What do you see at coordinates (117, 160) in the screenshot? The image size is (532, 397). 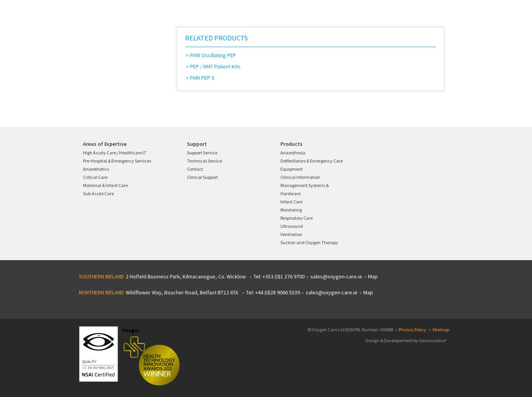 I see `'Pre-Hospital & Emergency Services'` at bounding box center [117, 160].